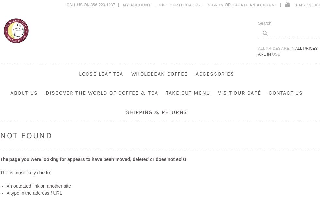  I want to click on 'Visit Our Café', so click(239, 92).